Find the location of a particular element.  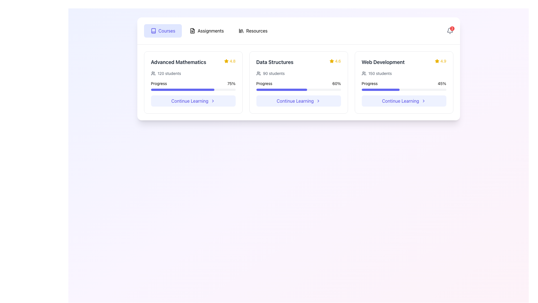

the indigo progress bar indicator under the 'Progress' label in the 'Web Development' section is located at coordinates (381, 89).